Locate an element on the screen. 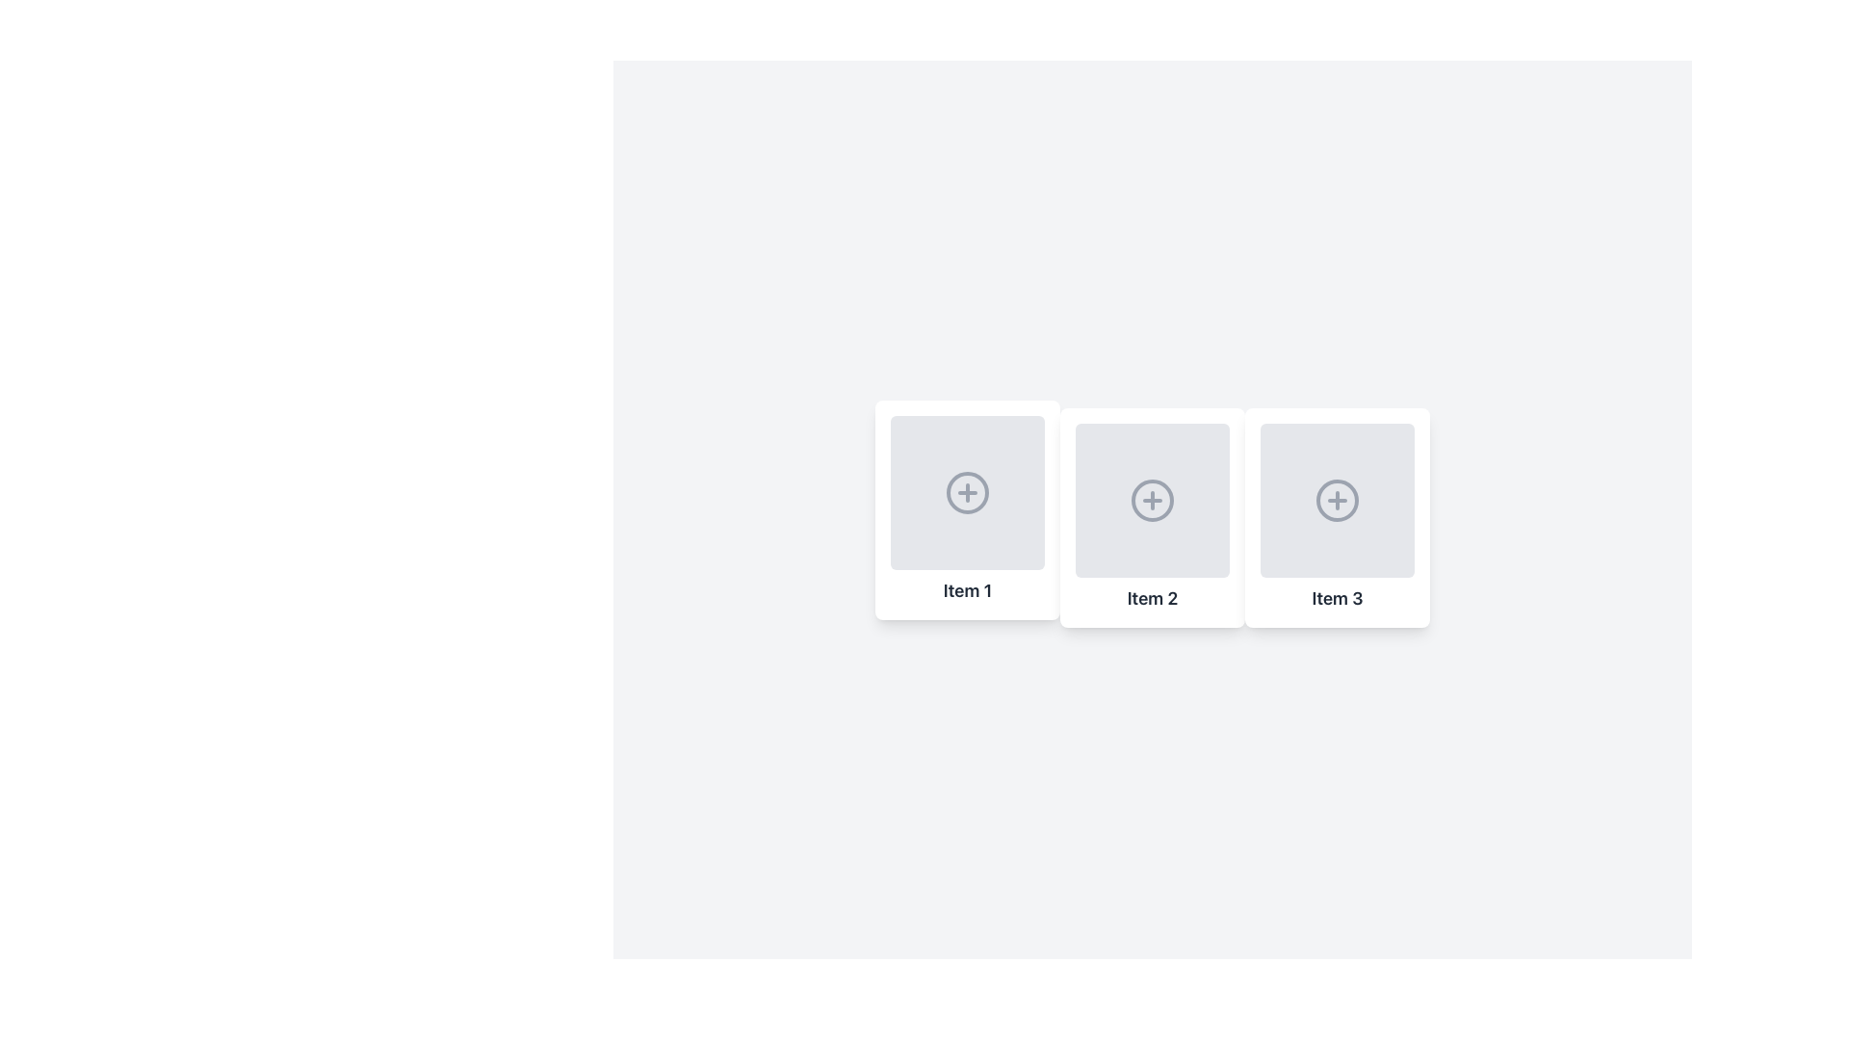 This screenshot has height=1040, width=1849. the circular icon button with a plus sign in the center, located in the second card labeled 'Item 2' is located at coordinates (1152, 499).